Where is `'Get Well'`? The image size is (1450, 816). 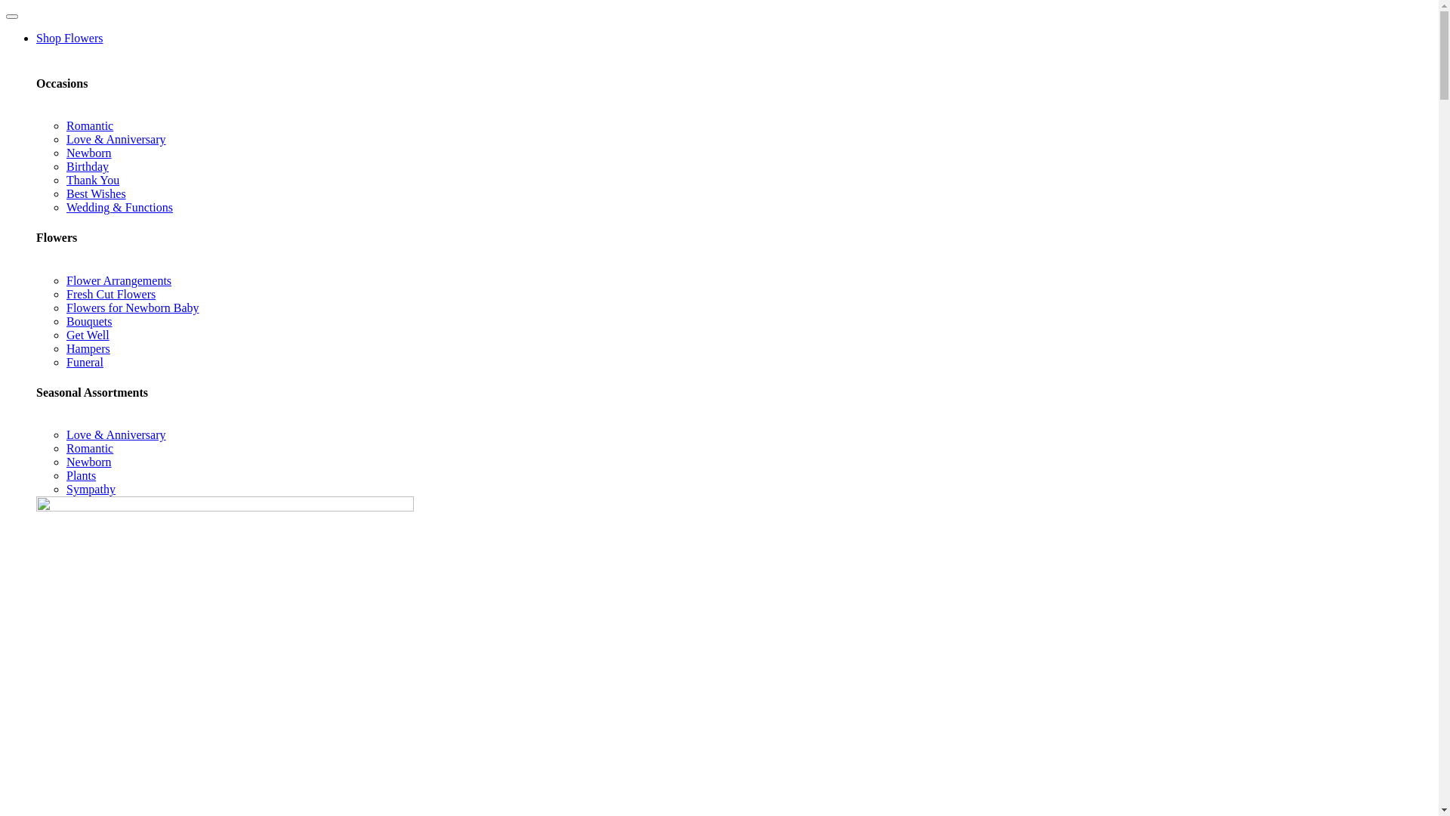
'Get Well' is located at coordinates (87, 334).